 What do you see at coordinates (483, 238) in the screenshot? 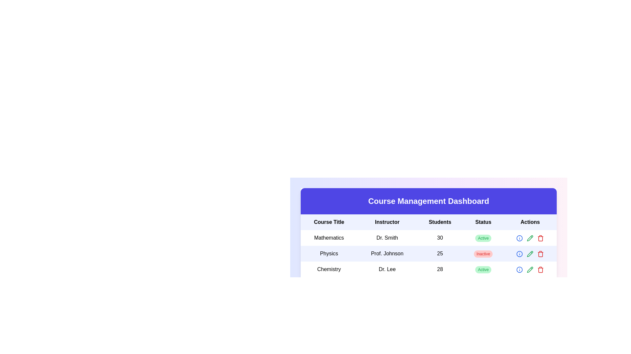
I see `the 'Active' status indicator badge in the first row of the data table, located between the 'Students' and 'Actions' columns` at bounding box center [483, 238].